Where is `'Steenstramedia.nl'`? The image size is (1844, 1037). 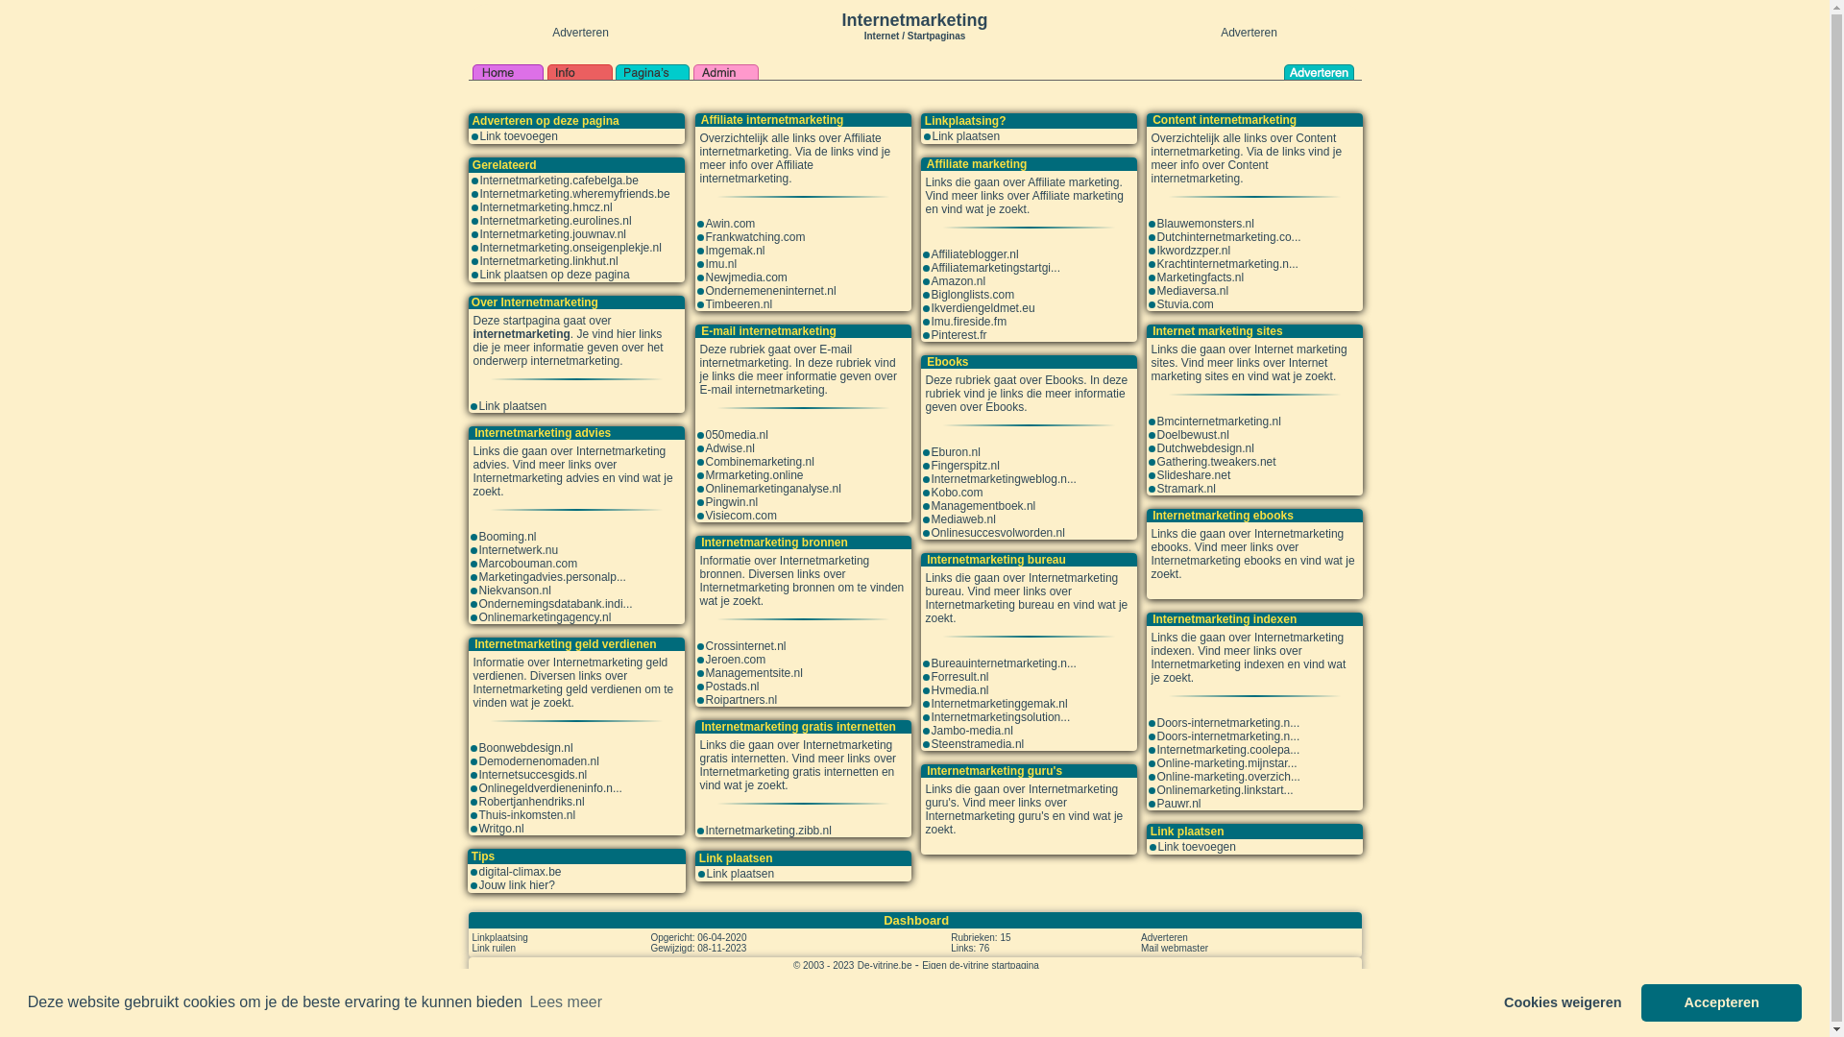
'Steenstramedia.nl' is located at coordinates (978, 743).